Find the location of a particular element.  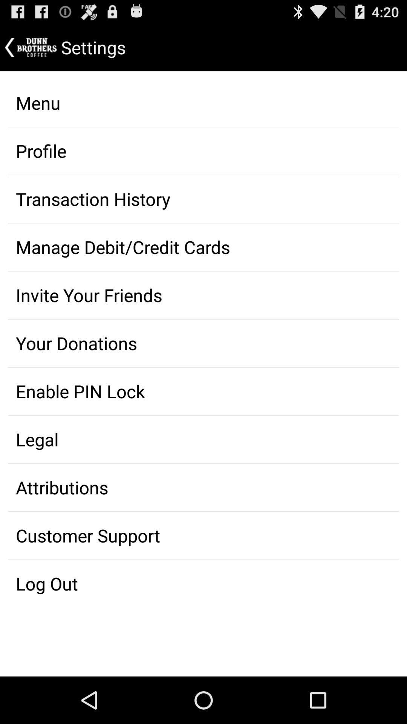

the option invite your friends is located at coordinates (203, 295).